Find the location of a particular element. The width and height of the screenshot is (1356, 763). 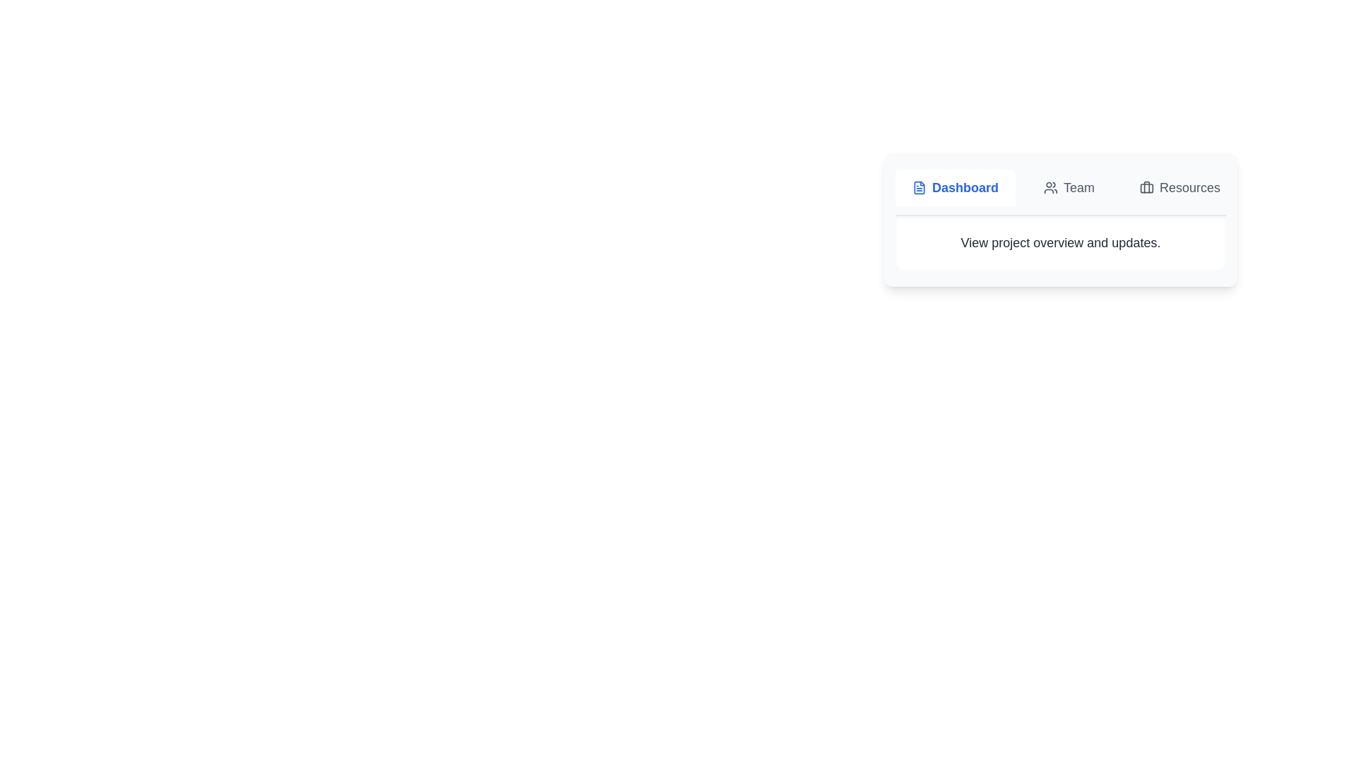

the Dashboard tab by clicking on its button is located at coordinates (956, 187).